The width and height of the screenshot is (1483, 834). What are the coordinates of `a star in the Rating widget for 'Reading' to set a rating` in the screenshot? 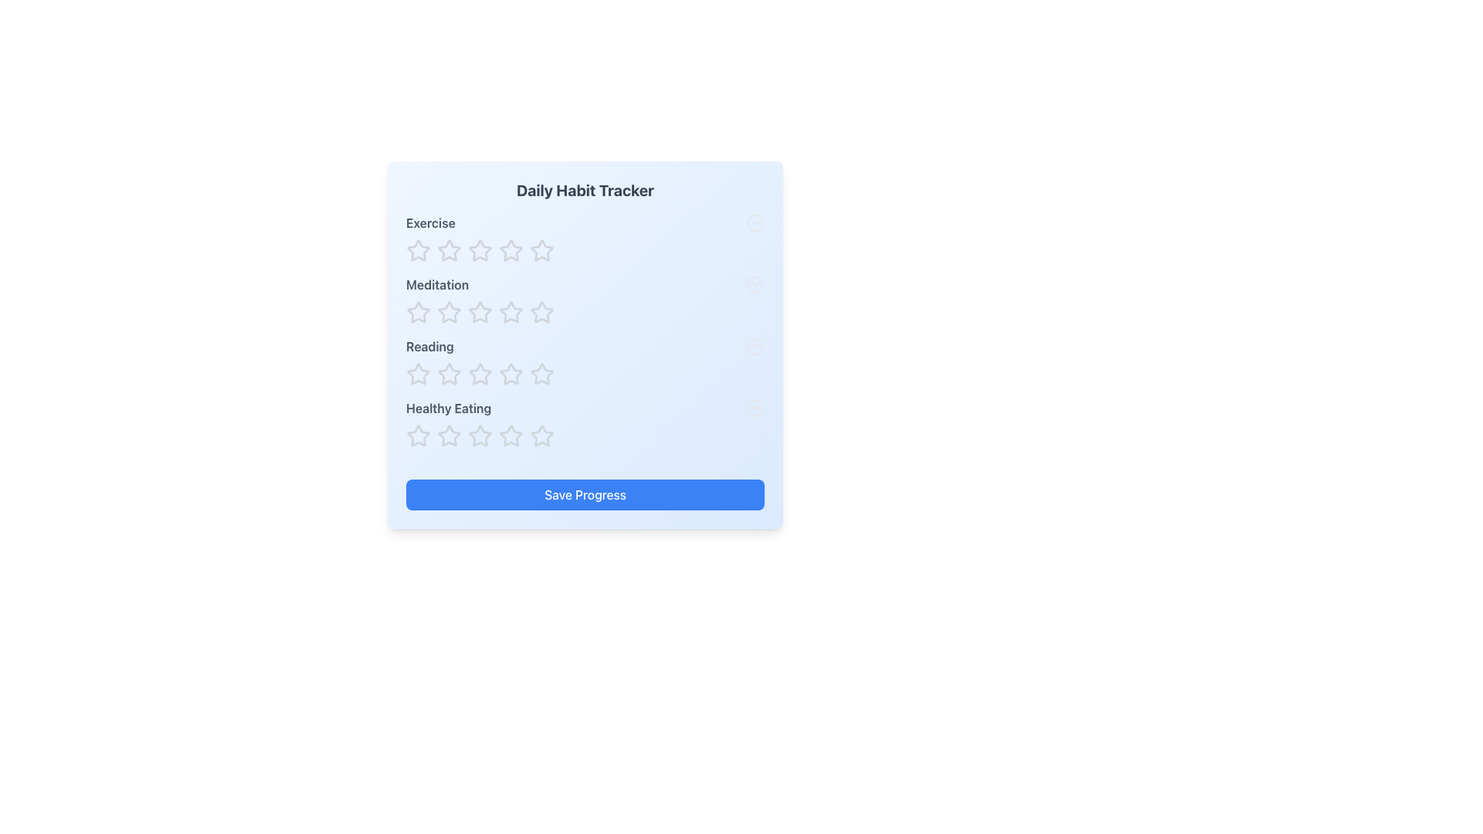 It's located at (585, 375).